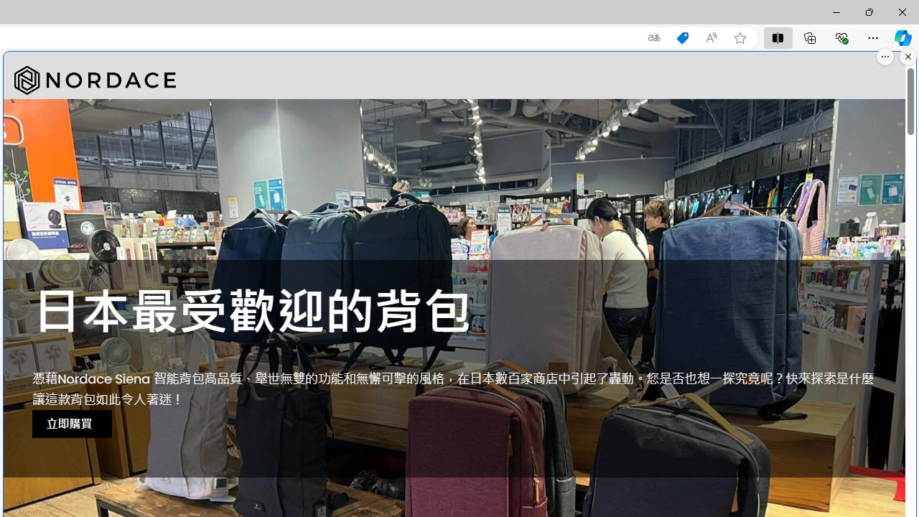 The image size is (919, 517). I want to click on 'Show translate options', so click(653, 37).